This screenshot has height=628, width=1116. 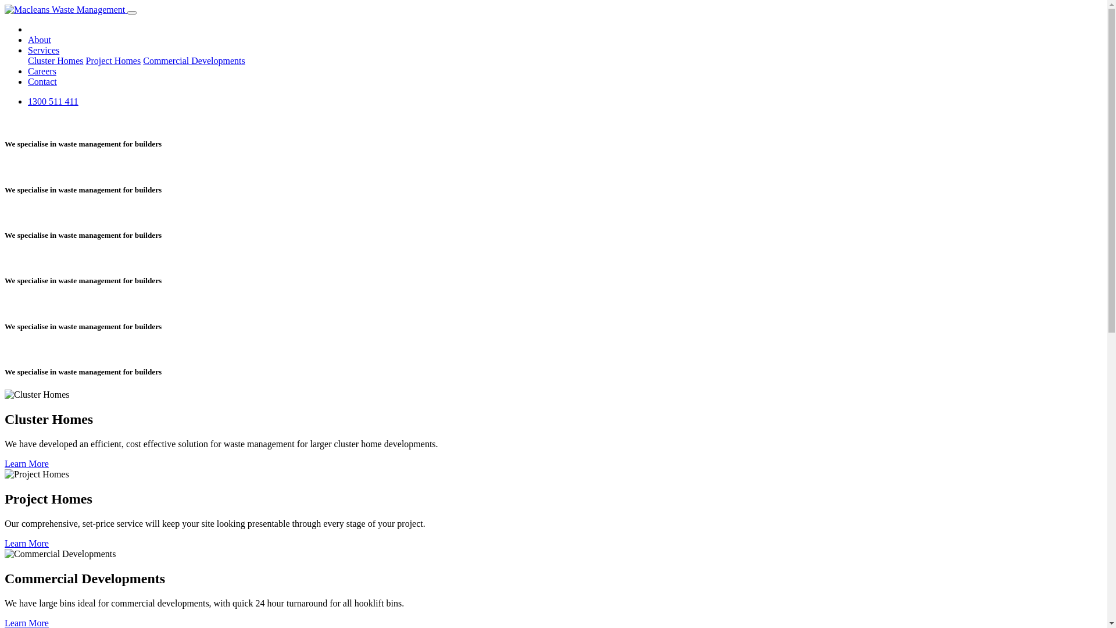 I want to click on 'Commercial Developments', so click(x=194, y=60).